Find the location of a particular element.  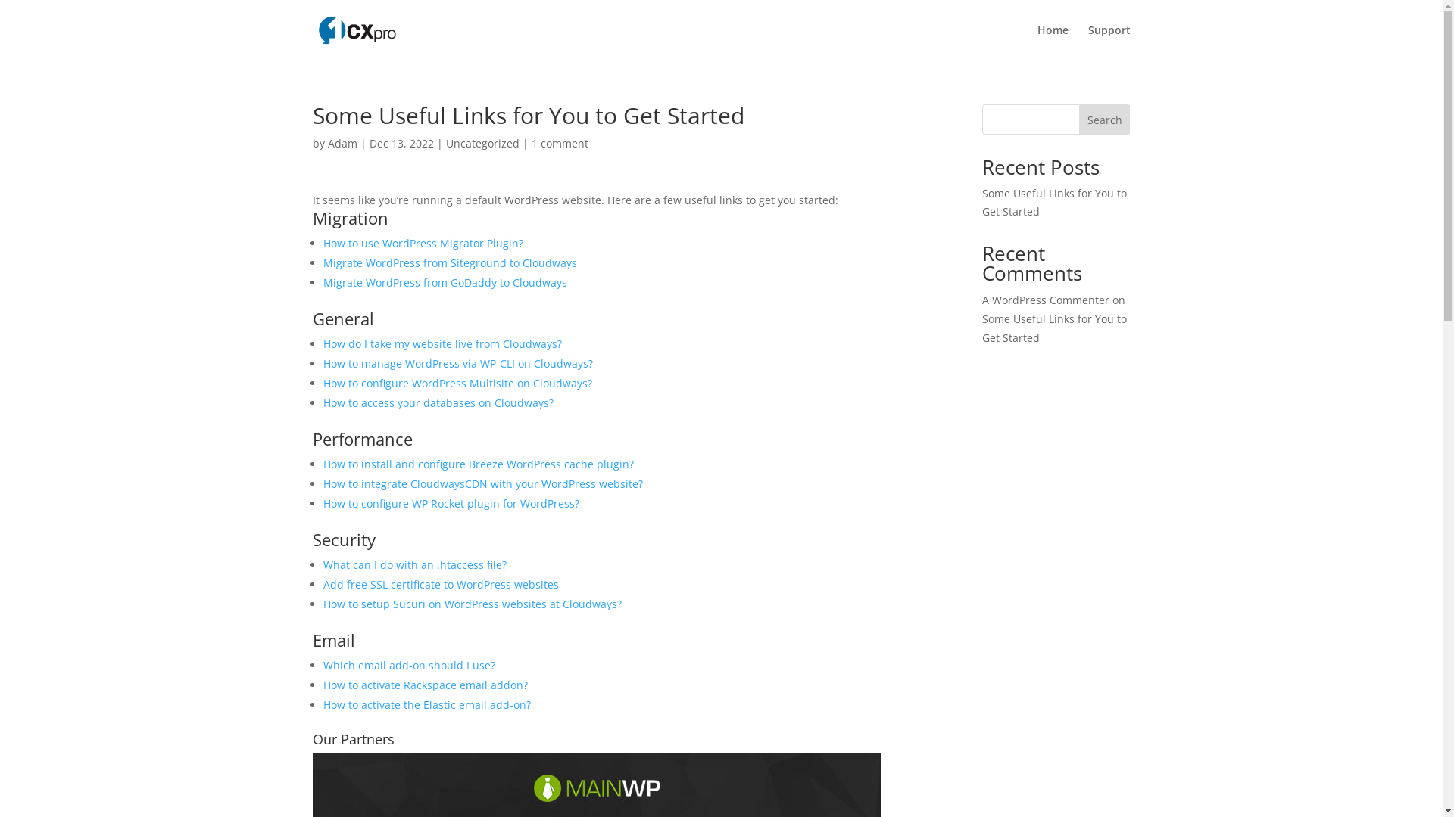

'Home' is located at coordinates (1052, 42).